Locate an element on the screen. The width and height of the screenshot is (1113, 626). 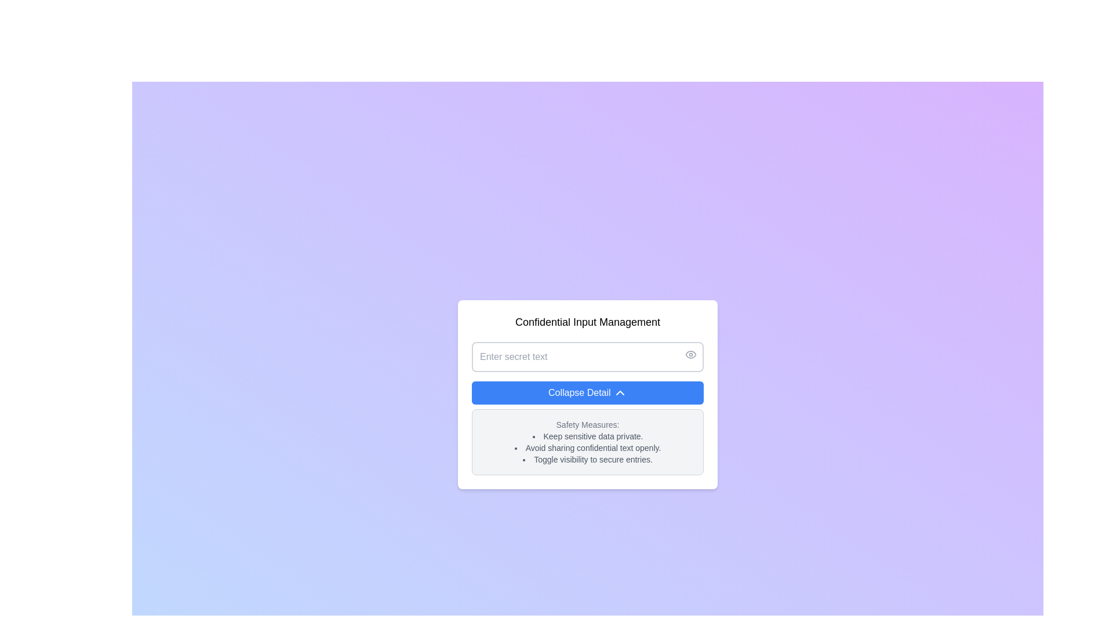
the 'Collapse Detail' button, which is a horizontal button with a blue background and white text, positioned within a card interface below a text input field is located at coordinates (587, 392).